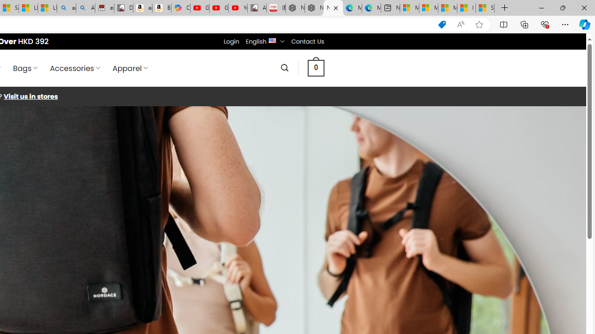 This screenshot has height=334, width=595. I want to click on 'This site has coupons! Shopping in Microsoft Edge', so click(442, 24).